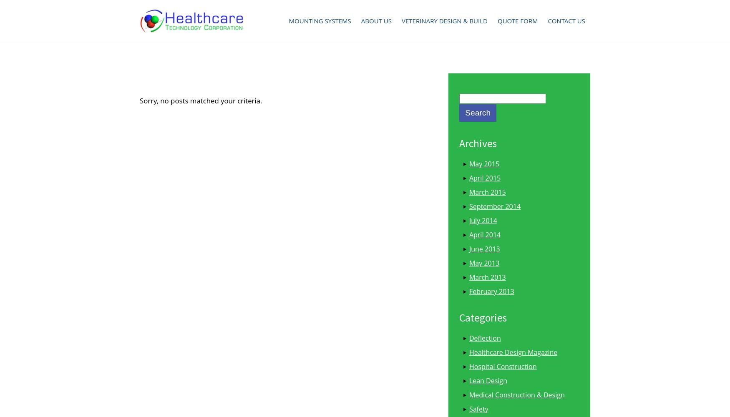  I want to click on 'March 2015', so click(486, 191).